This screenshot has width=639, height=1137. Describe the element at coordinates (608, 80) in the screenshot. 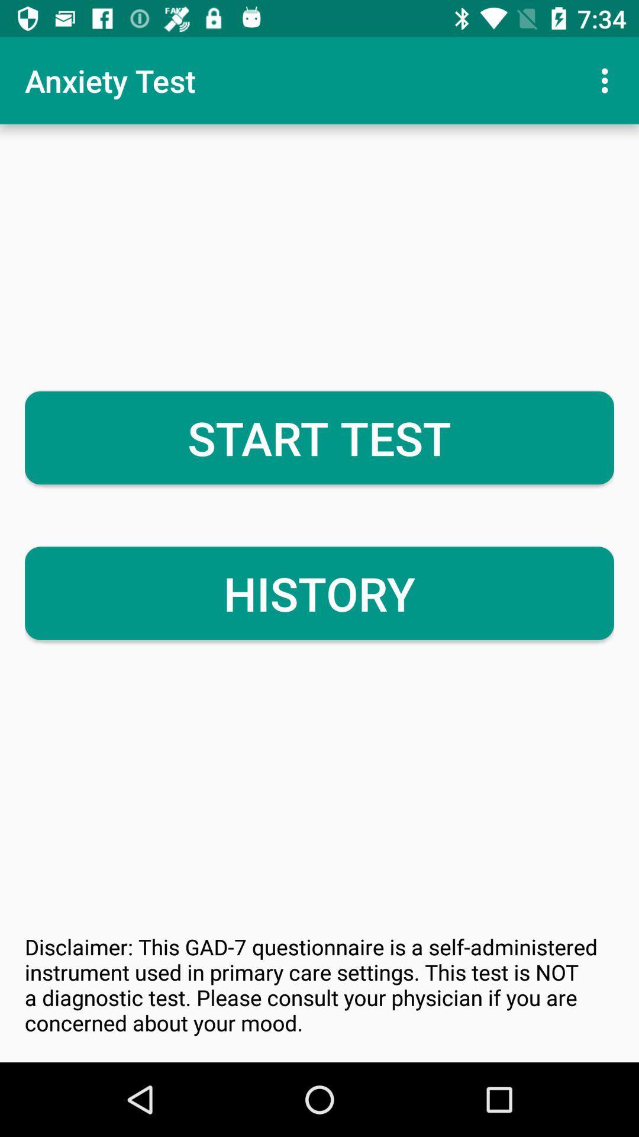

I see `the item to the right of anxiety test` at that location.